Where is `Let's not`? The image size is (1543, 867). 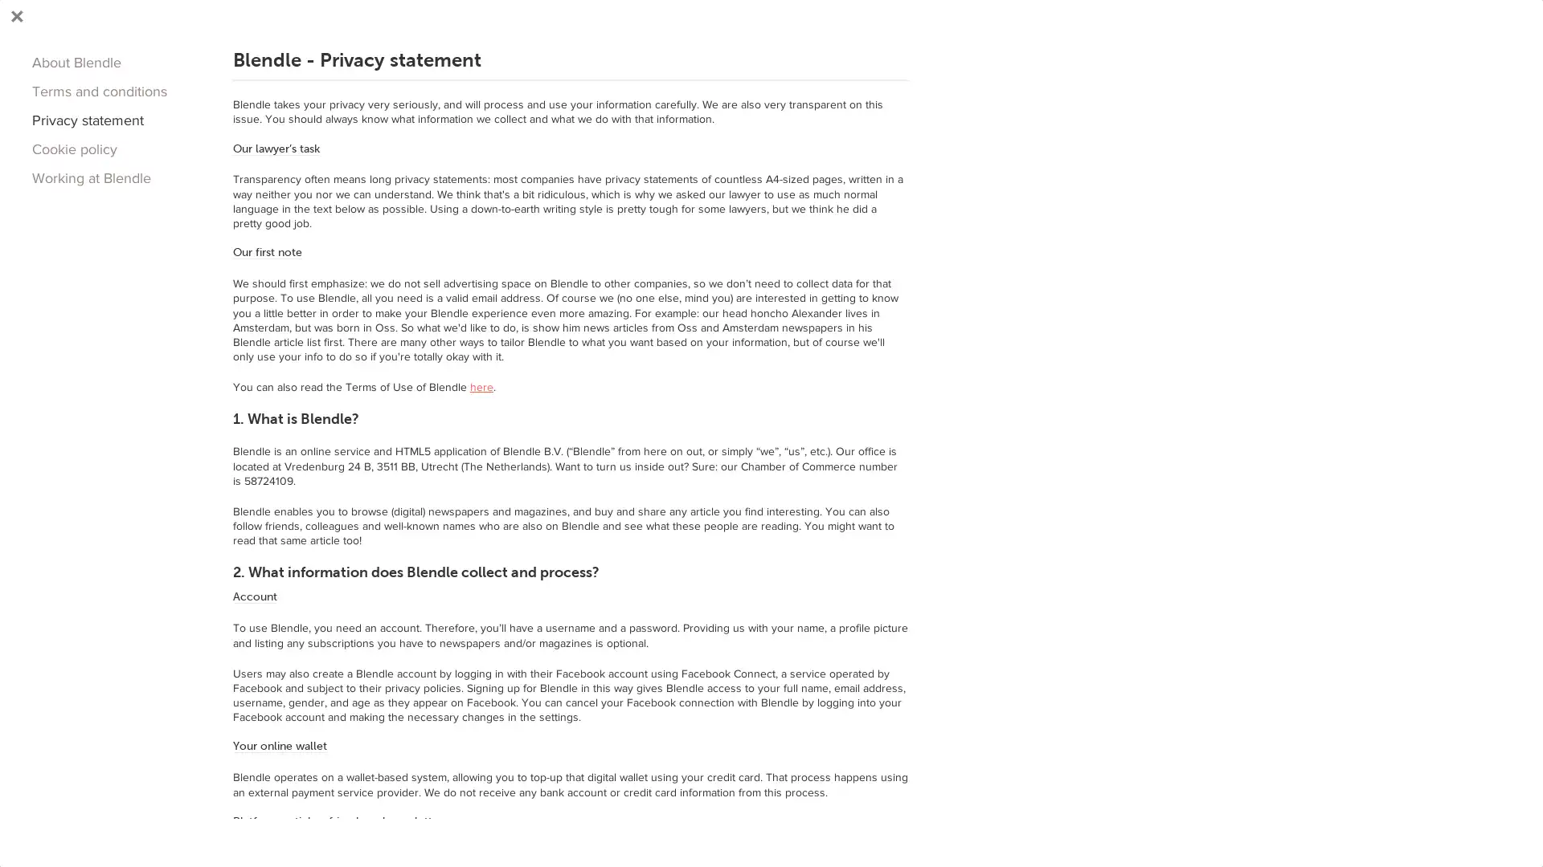 Let's not is located at coordinates (1140, 826).